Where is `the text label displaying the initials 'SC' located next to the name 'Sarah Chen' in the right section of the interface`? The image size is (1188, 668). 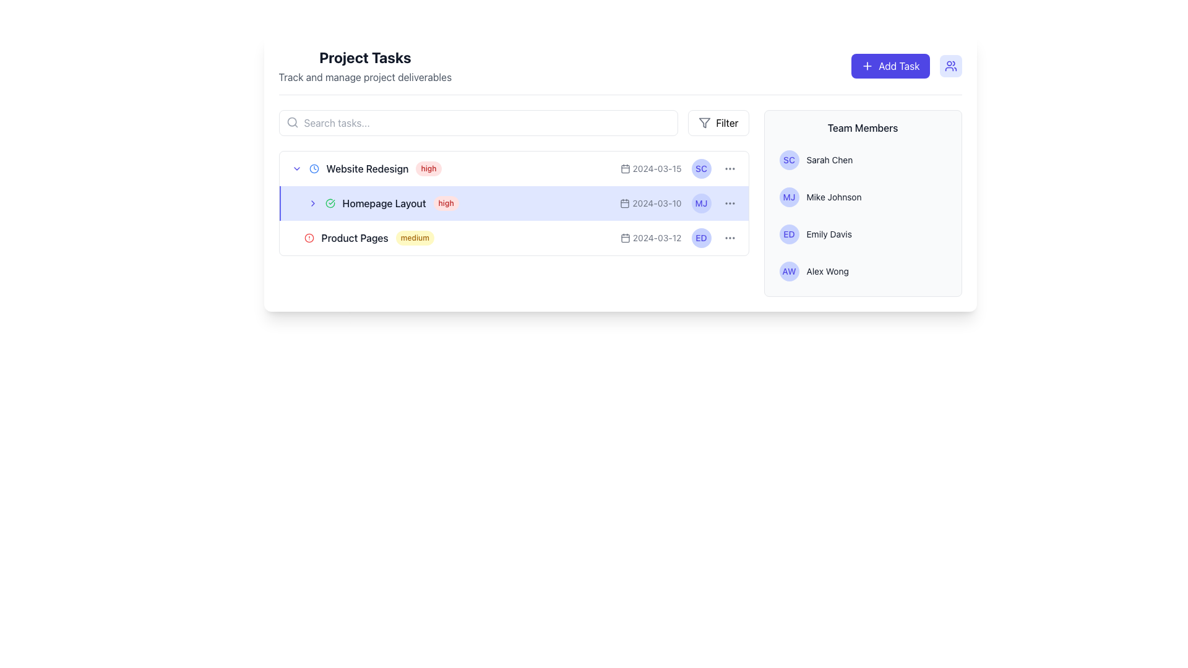 the text label displaying the initials 'SC' located next to the name 'Sarah Chen' in the right section of the interface is located at coordinates (701, 169).